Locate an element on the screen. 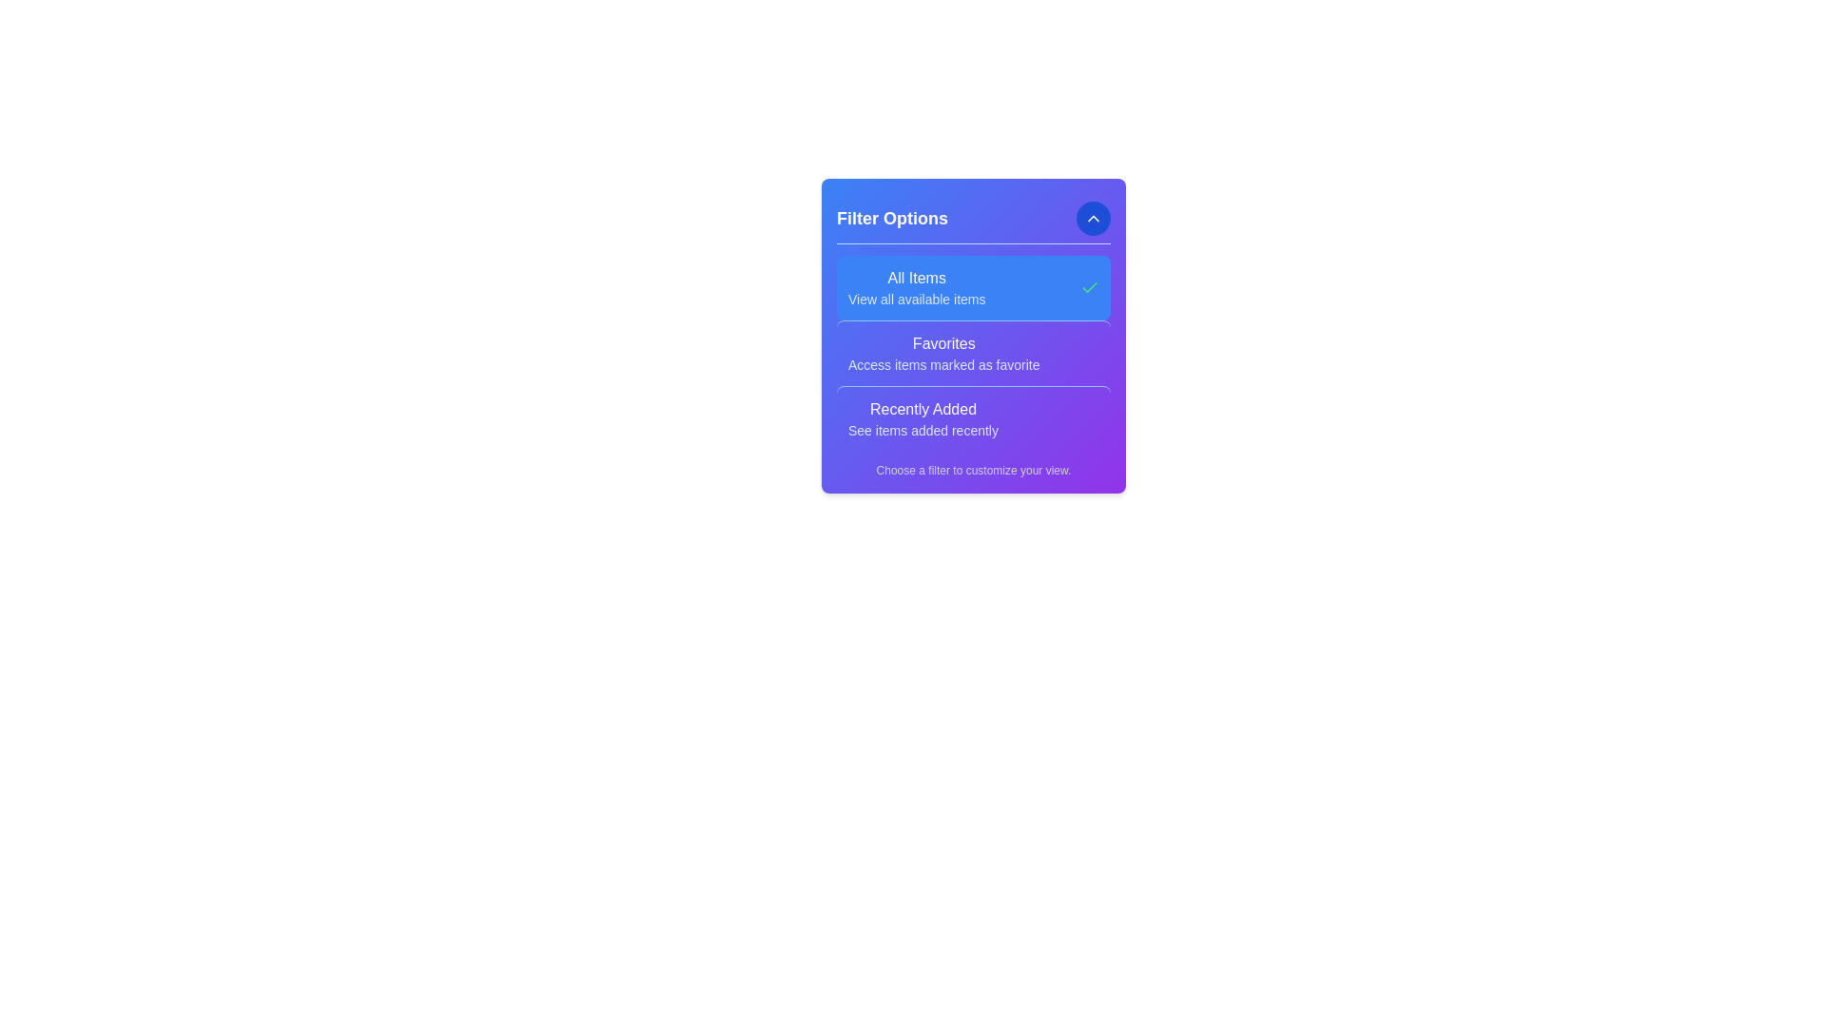 The height and width of the screenshot is (1027, 1826). the filter option Recently Added from the menu is located at coordinates (922, 417).